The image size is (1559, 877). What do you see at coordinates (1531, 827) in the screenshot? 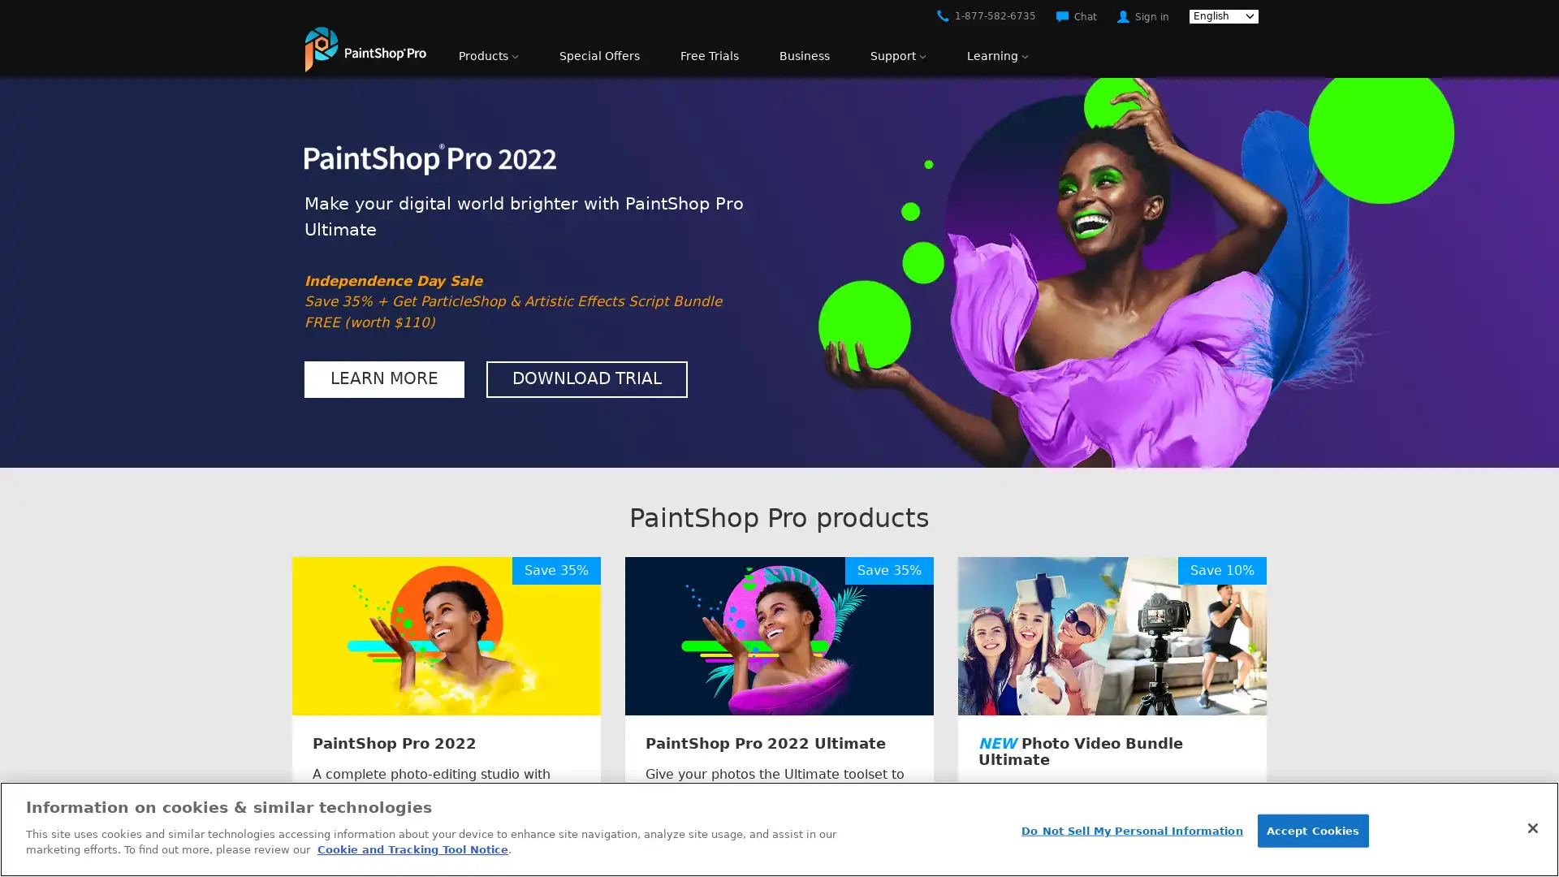
I see `Close` at bounding box center [1531, 827].